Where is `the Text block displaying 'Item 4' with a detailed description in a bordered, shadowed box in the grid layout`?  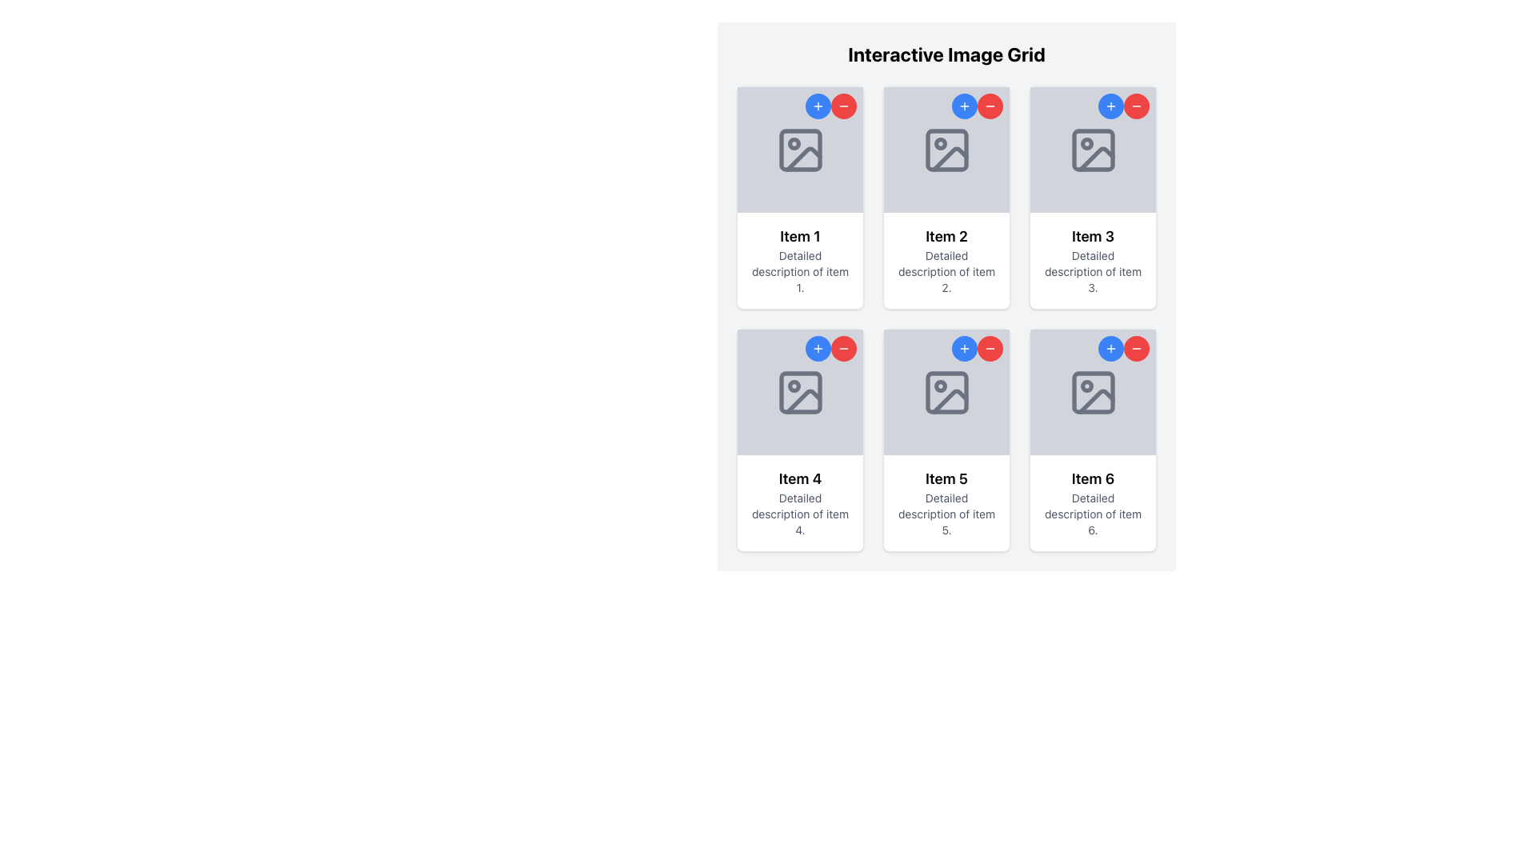
the Text block displaying 'Item 4' with a detailed description in a bordered, shadowed box in the grid layout is located at coordinates (800, 502).